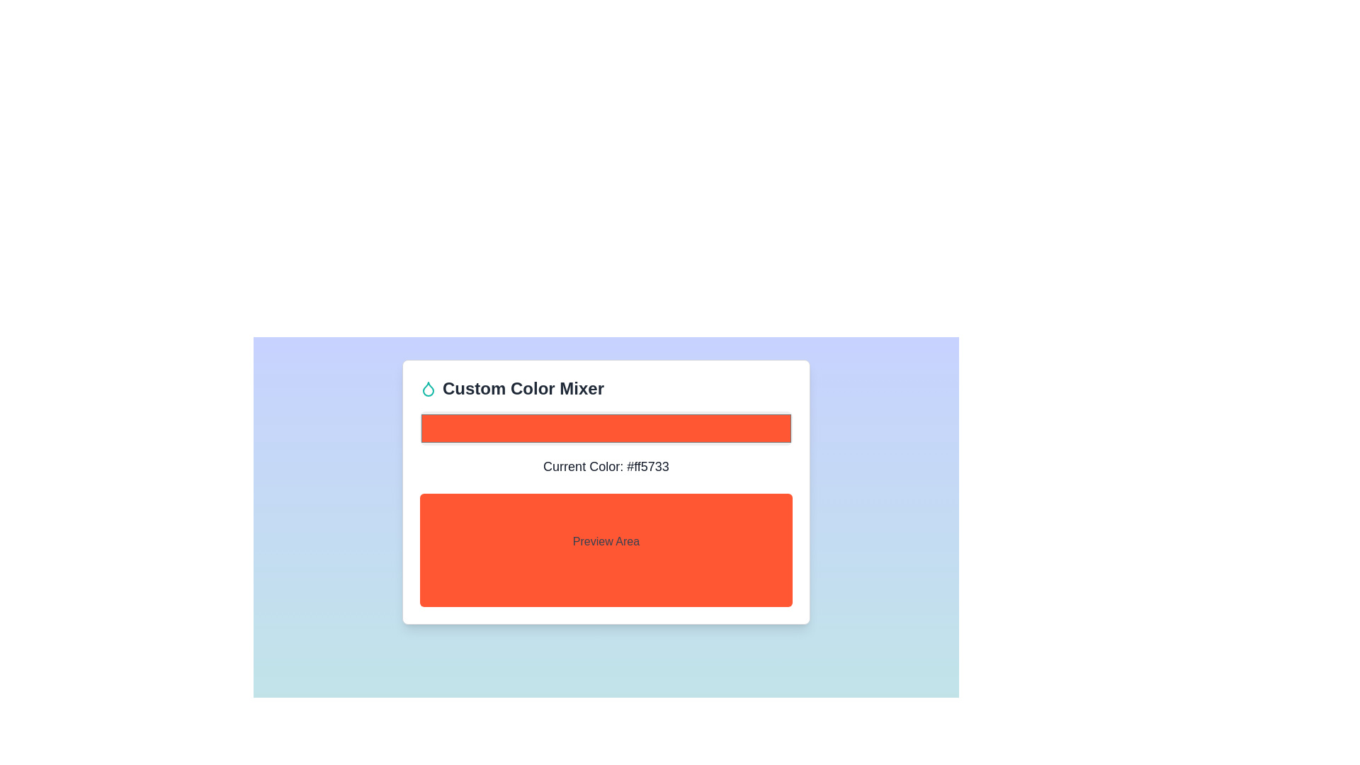 This screenshot has width=1360, height=765. I want to click on the text label displaying 'Current Color: #ff5733' within the 'Custom Color Mixer' interface, located centrally below the color input field and above the preview area, so click(606, 467).